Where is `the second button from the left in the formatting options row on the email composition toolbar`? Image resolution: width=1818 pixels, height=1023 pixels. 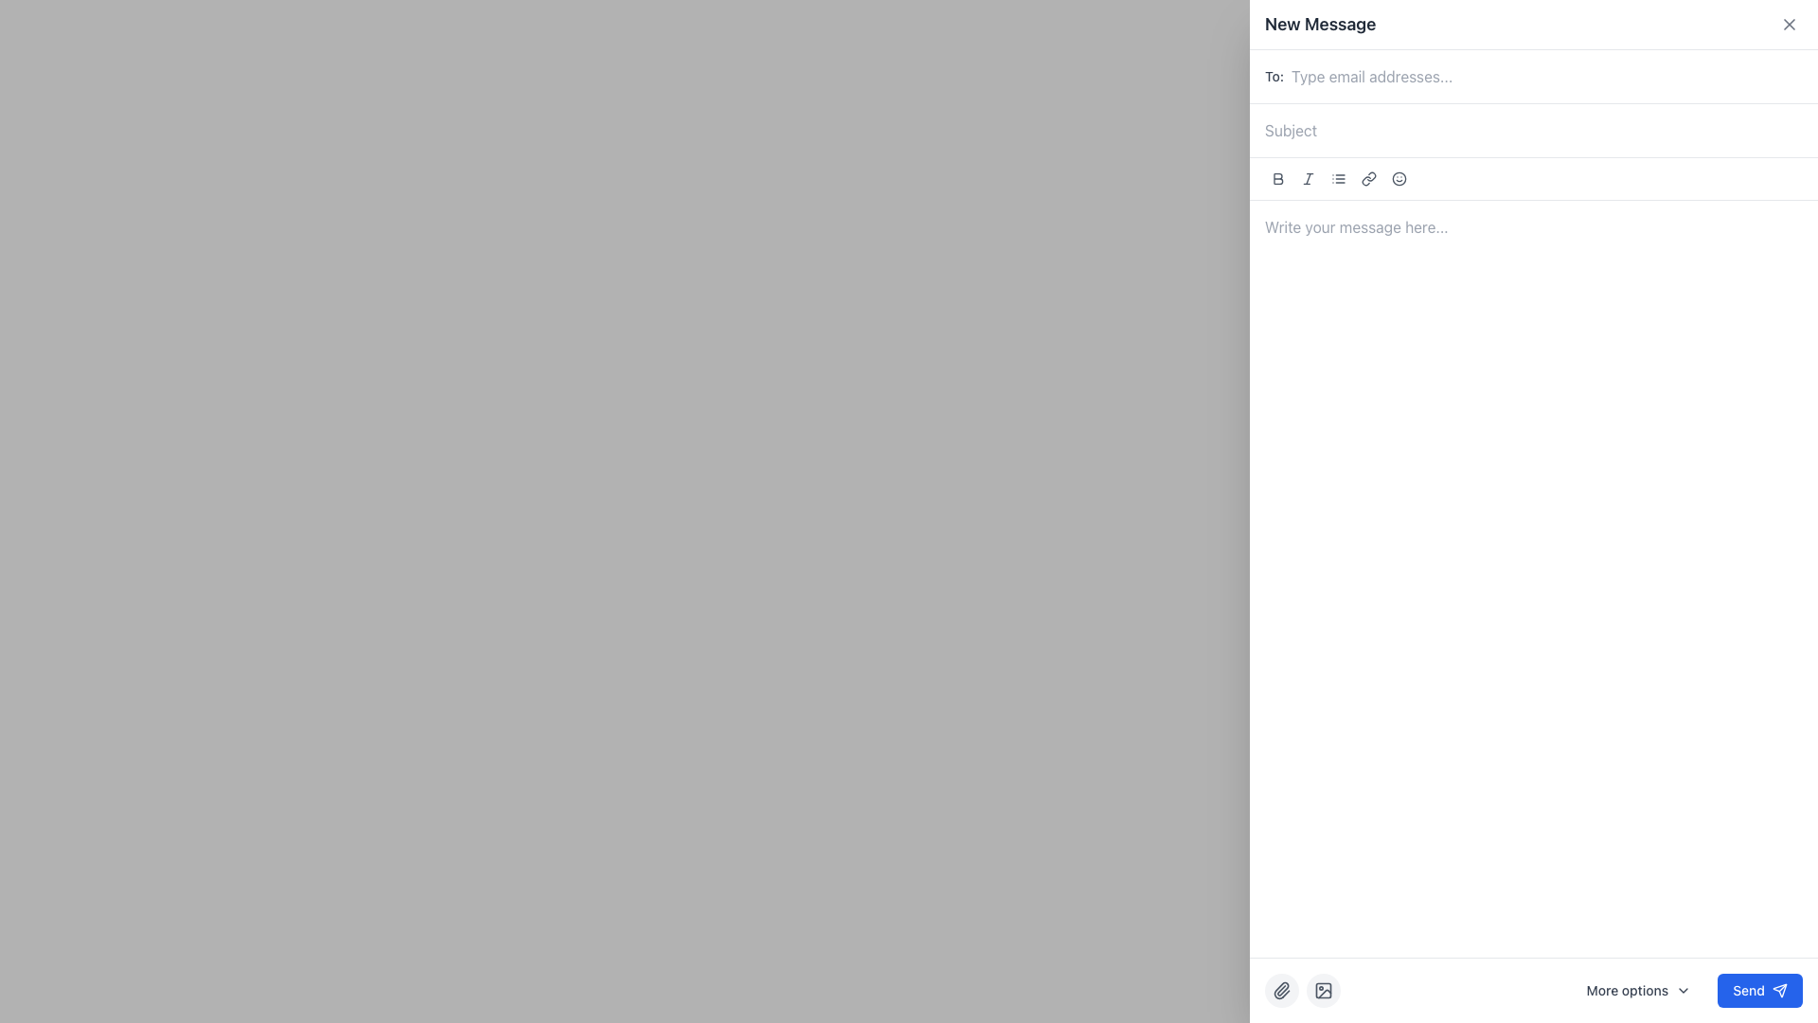 the second button from the left in the formatting options row on the email composition toolbar is located at coordinates (1308, 179).